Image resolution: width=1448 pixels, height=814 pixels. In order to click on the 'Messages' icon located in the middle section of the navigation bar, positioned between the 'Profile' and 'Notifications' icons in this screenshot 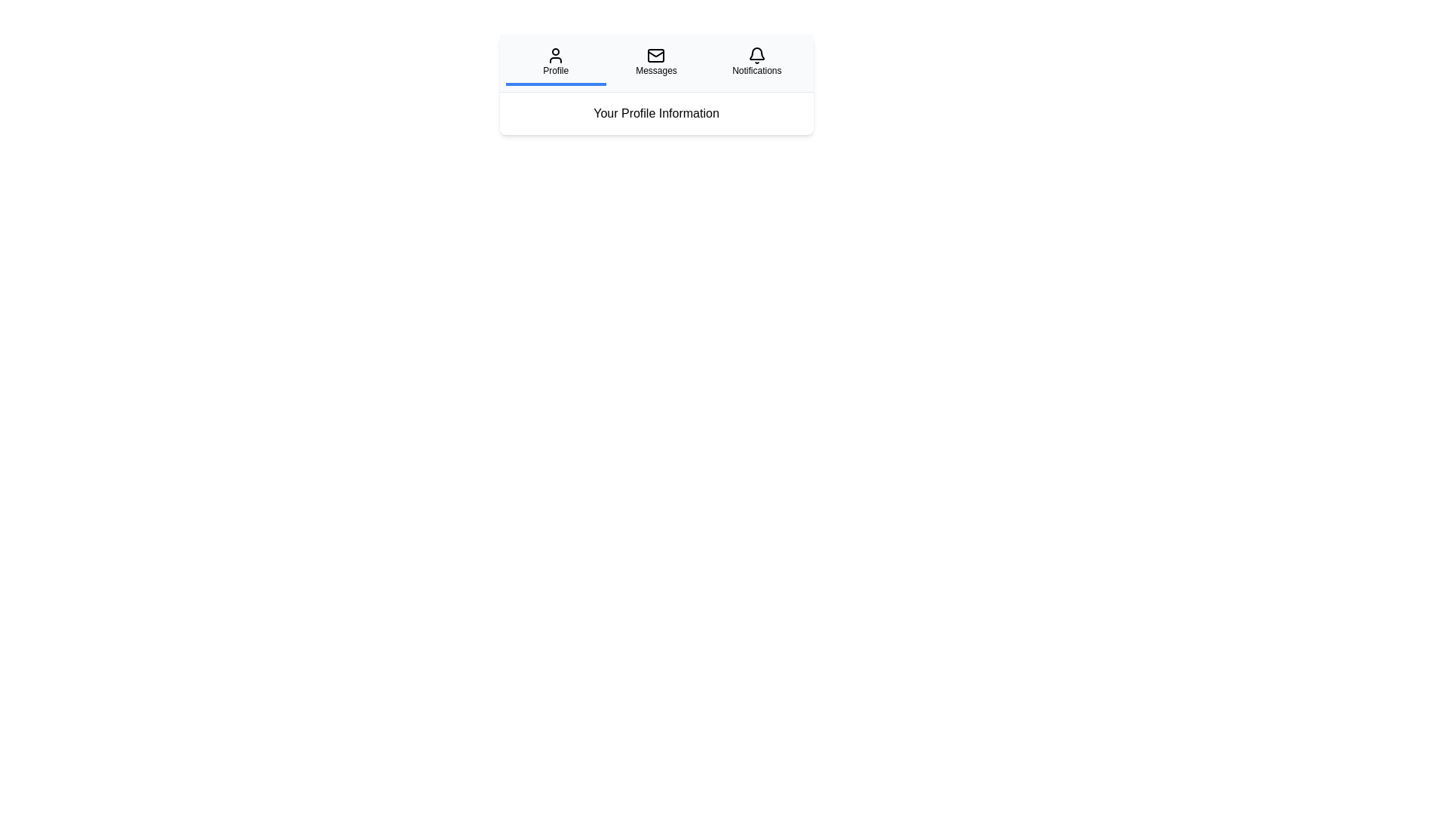, I will do `click(656, 54)`.